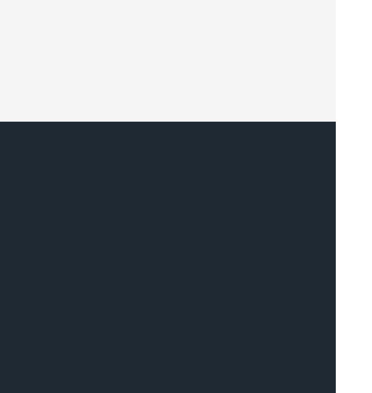 The width and height of the screenshot is (372, 393). I want to click on 'Follow TechSpot', so click(219, 303).